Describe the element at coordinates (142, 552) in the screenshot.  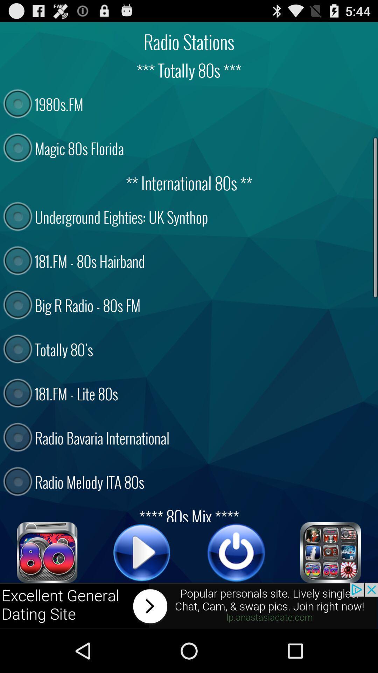
I see `the song` at that location.